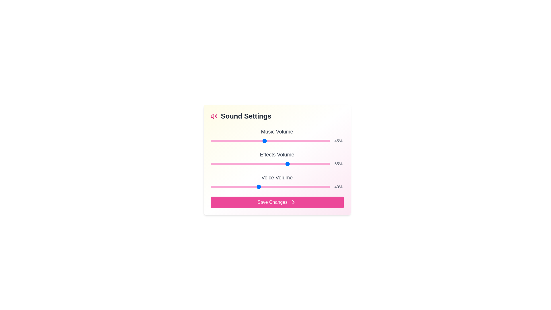  Describe the element at coordinates (214, 116) in the screenshot. I see `the Sound Settings icon to highlight it` at that location.